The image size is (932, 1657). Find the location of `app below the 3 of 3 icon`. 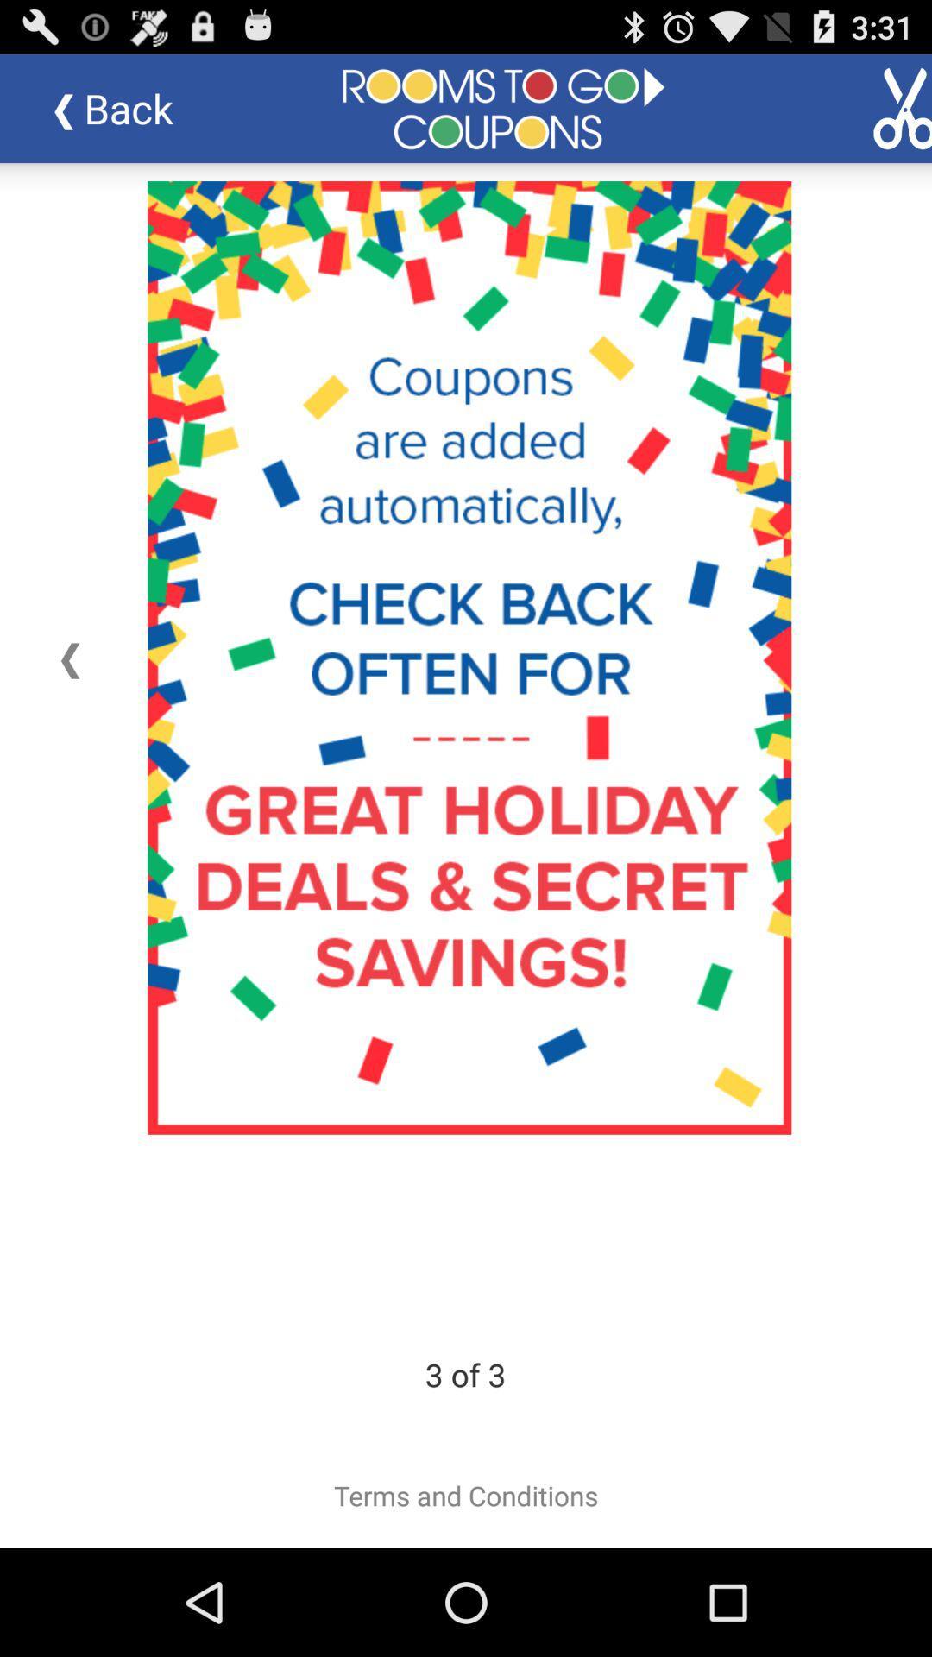

app below the 3 of 3 icon is located at coordinates (466, 1495).